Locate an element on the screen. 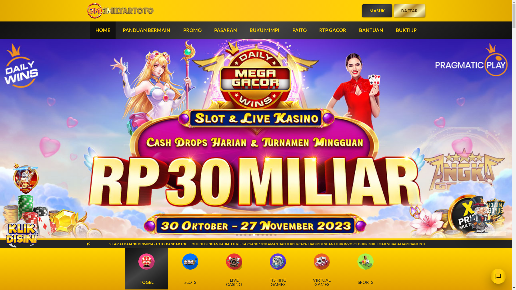 The width and height of the screenshot is (516, 290). 'TOGEL' is located at coordinates (146, 269).